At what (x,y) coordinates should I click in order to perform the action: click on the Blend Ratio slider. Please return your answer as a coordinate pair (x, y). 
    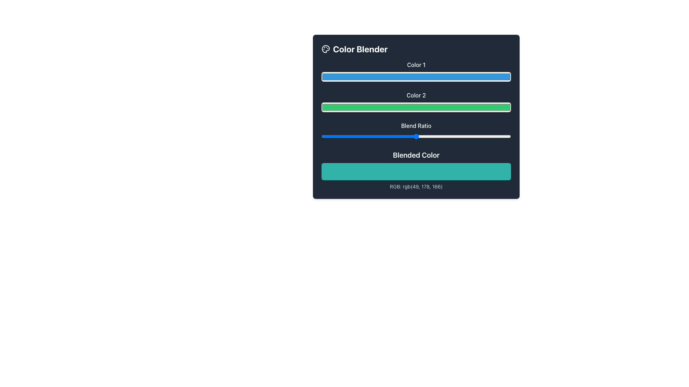
    Looking at the image, I should click on (473, 137).